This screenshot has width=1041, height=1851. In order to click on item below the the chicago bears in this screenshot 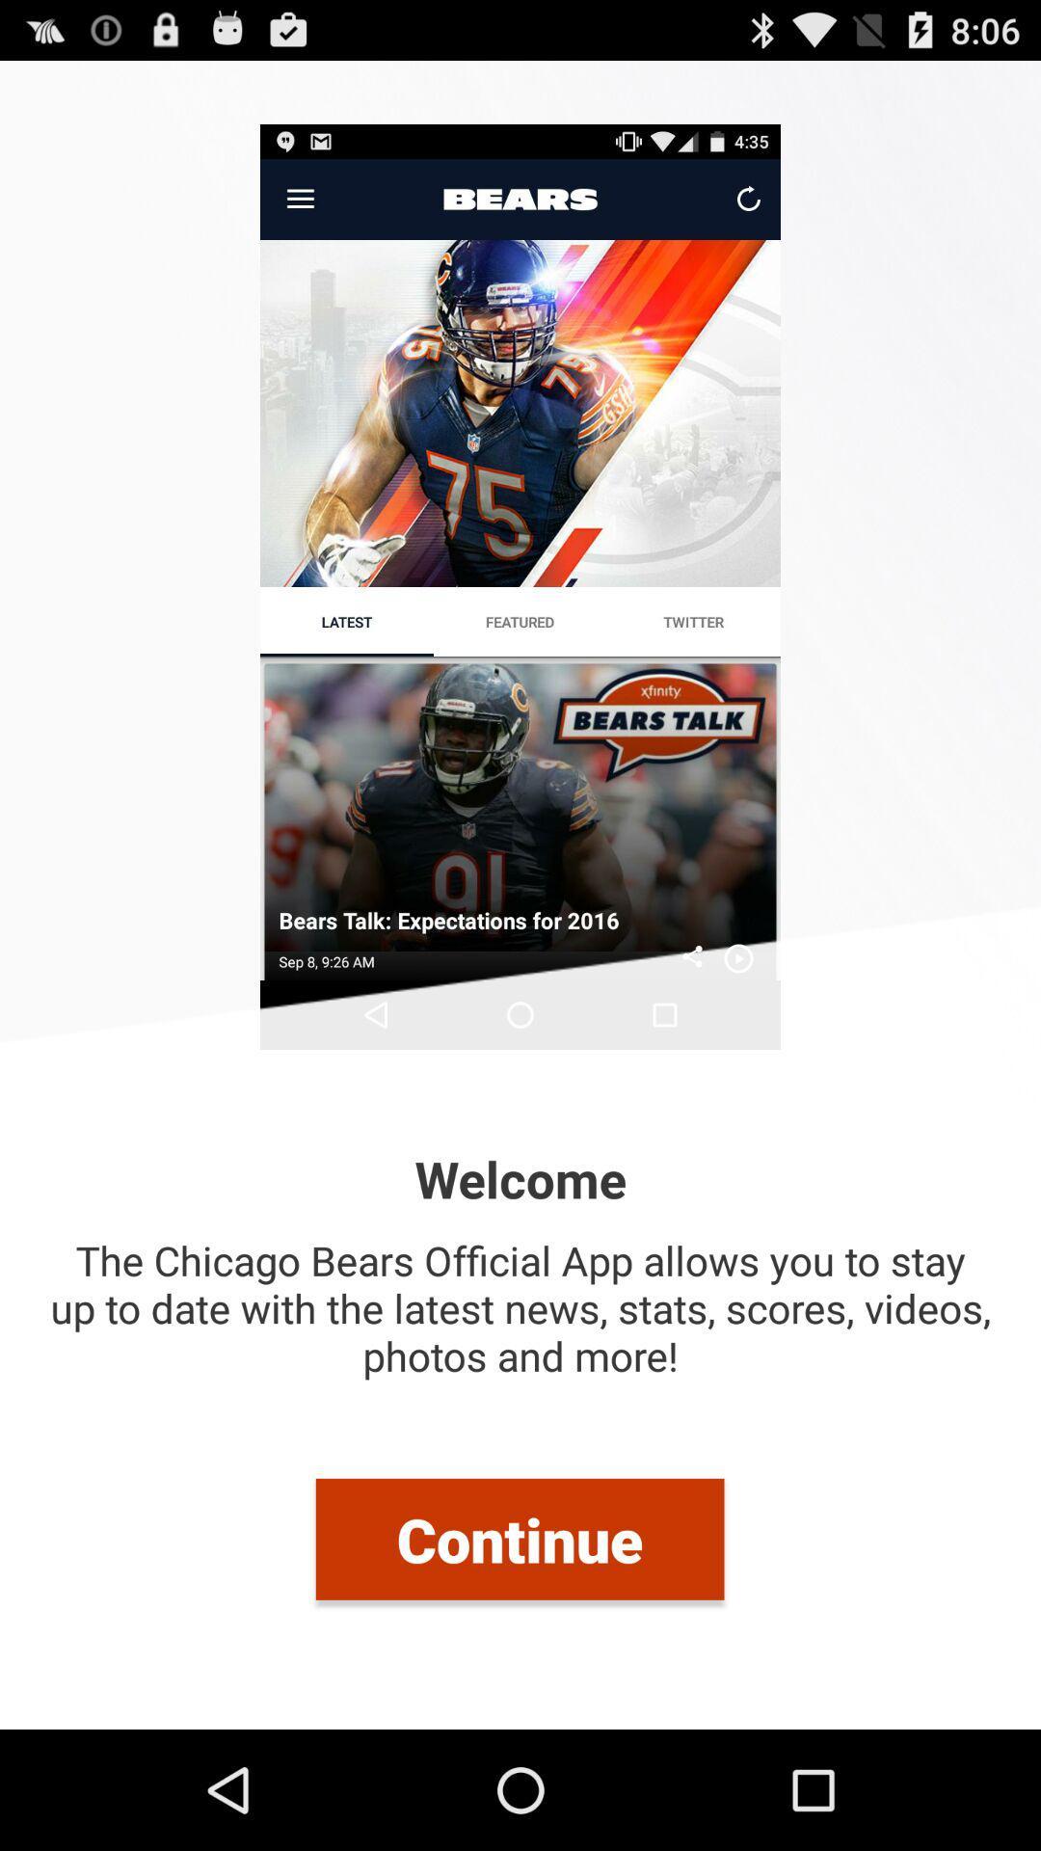, I will do `click(519, 1538)`.